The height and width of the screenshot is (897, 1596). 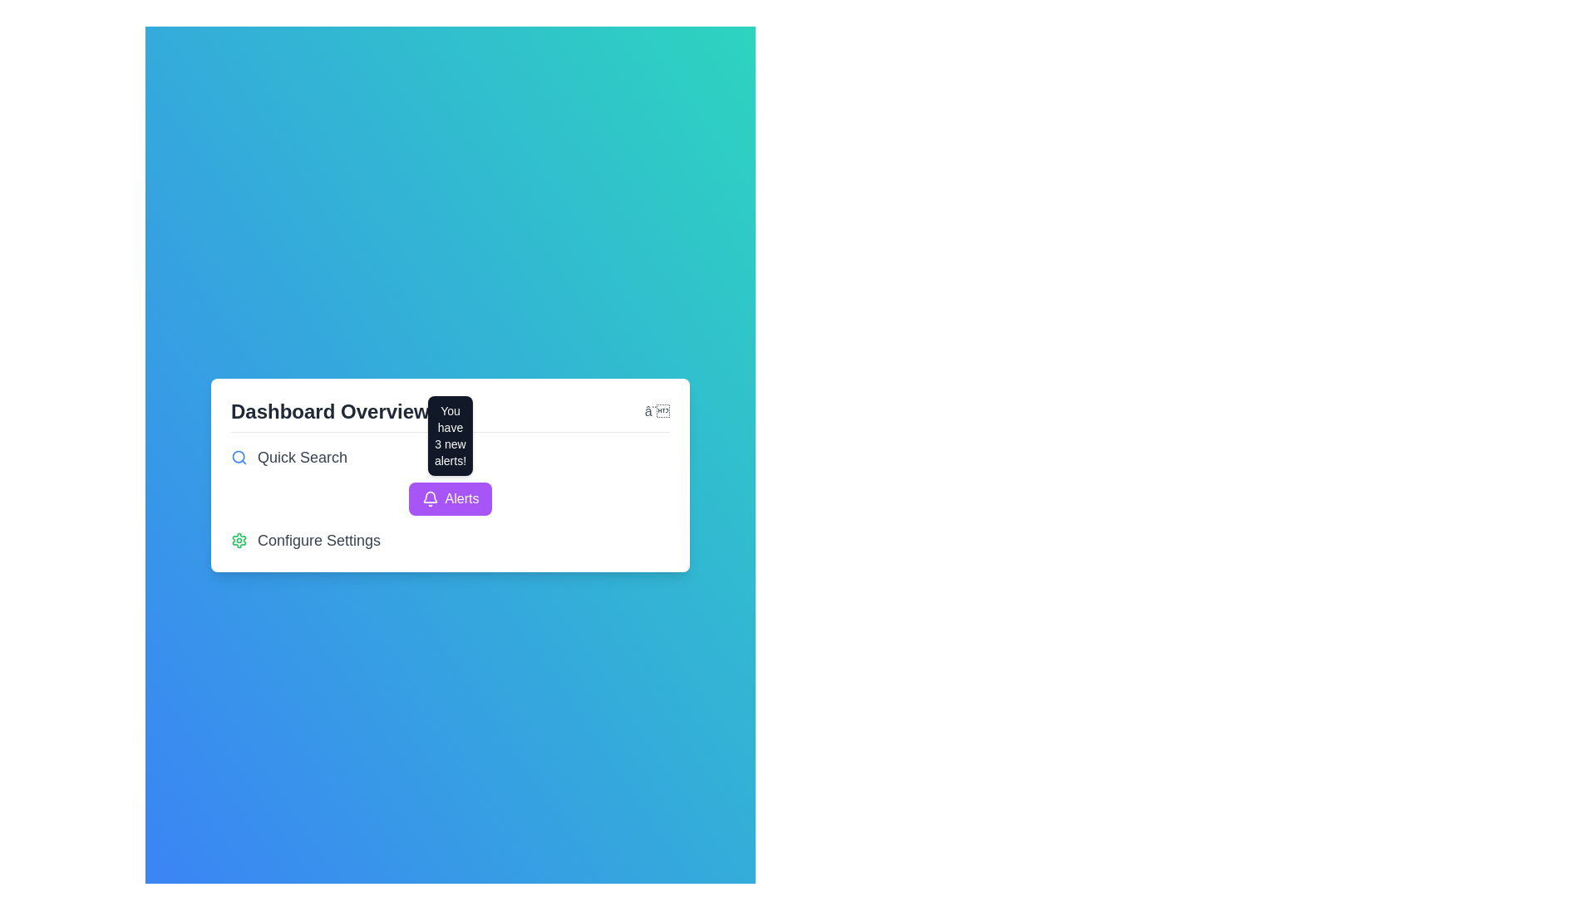 I want to click on the alert icon on the dashboard panel, so click(x=451, y=474).